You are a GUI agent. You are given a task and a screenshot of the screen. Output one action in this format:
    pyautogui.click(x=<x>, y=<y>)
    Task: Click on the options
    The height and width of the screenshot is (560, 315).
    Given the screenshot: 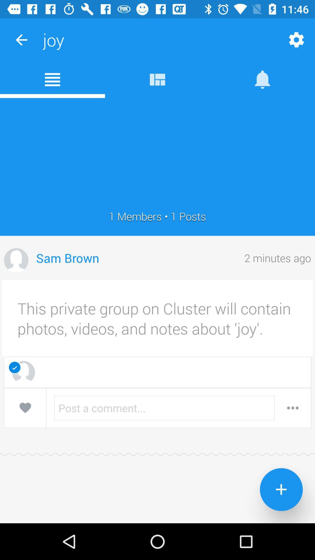 What is the action you would take?
    pyautogui.click(x=293, y=407)
    